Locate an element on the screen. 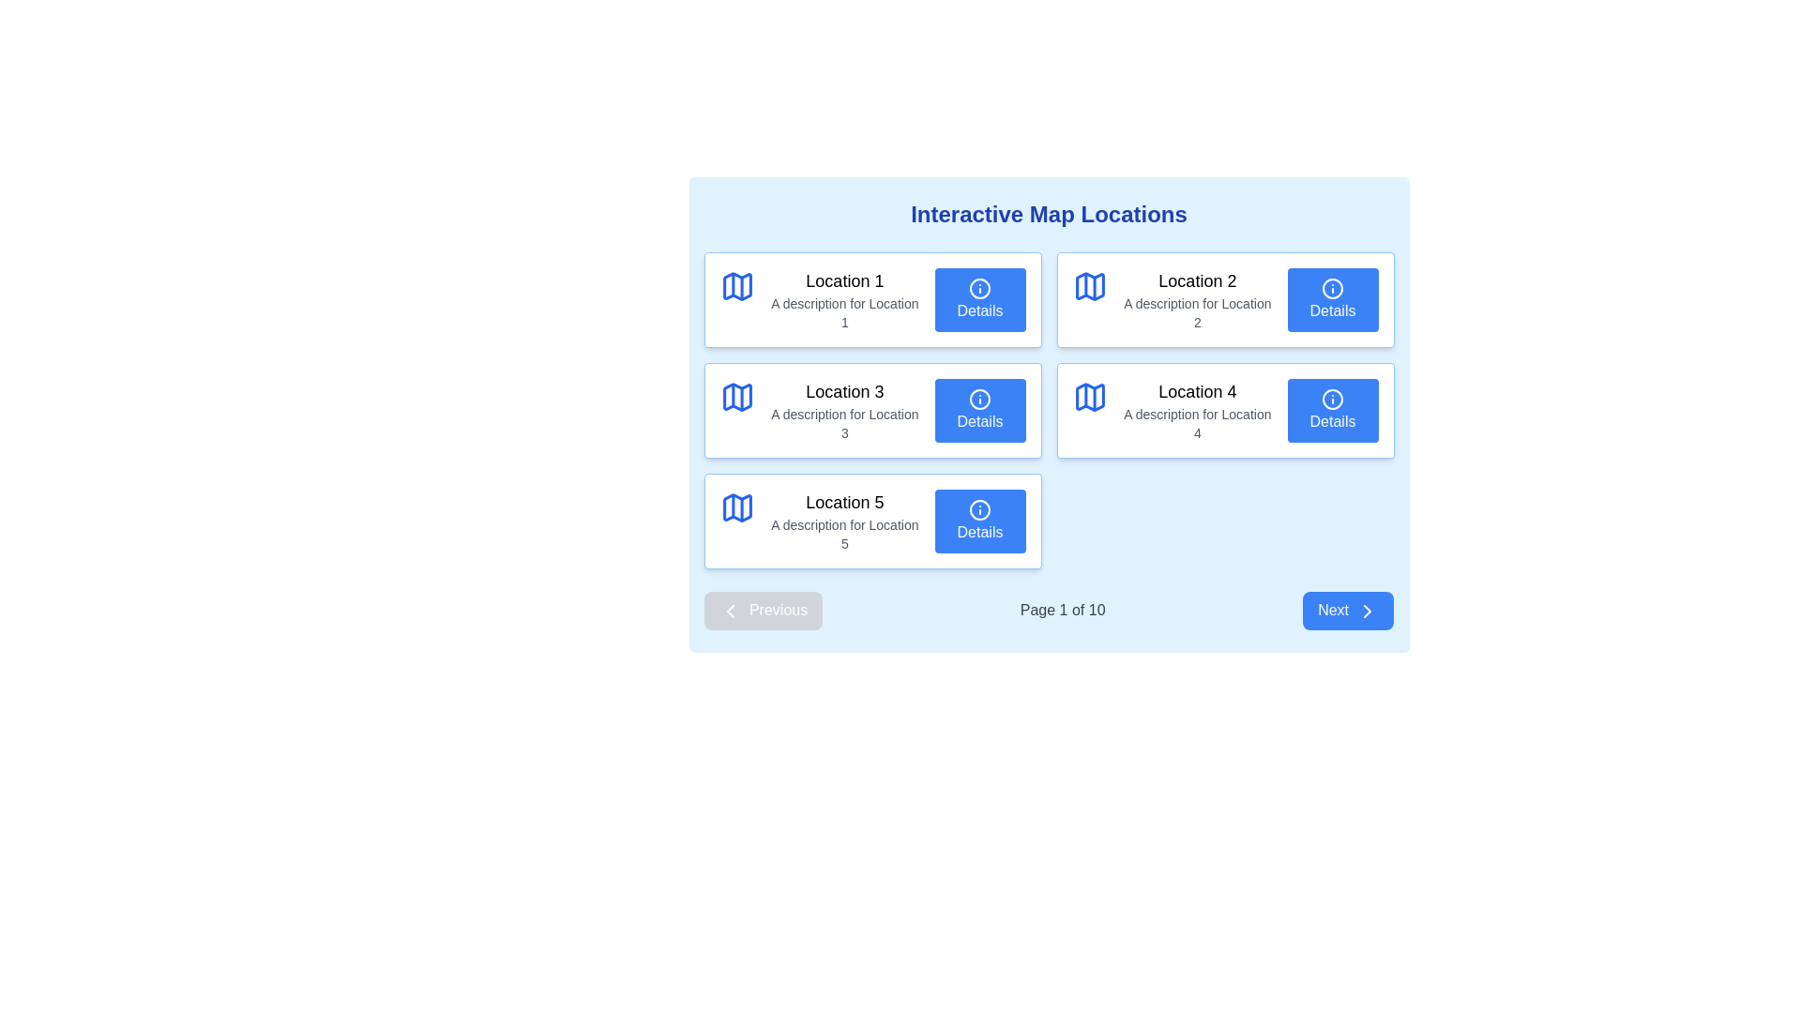 This screenshot has width=1801, height=1013. the outlined circle icon with a smaller dot inside, which is embedded within the blue 'Details' button for 'Location 2' in the grid layout is located at coordinates (1331, 289).